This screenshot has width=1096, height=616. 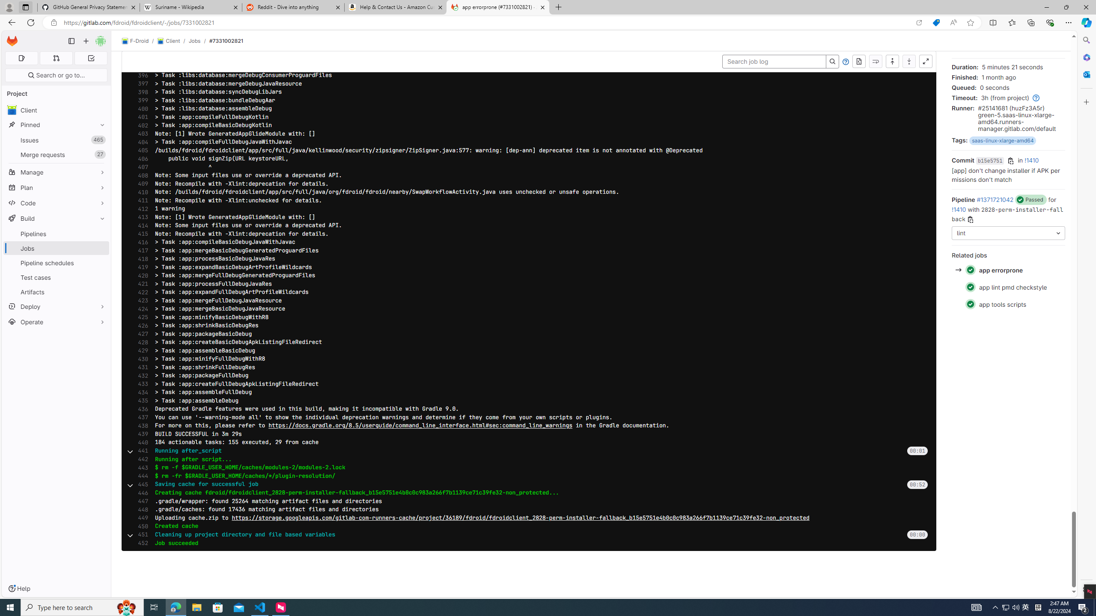 I want to click on '440', so click(x=140, y=442).